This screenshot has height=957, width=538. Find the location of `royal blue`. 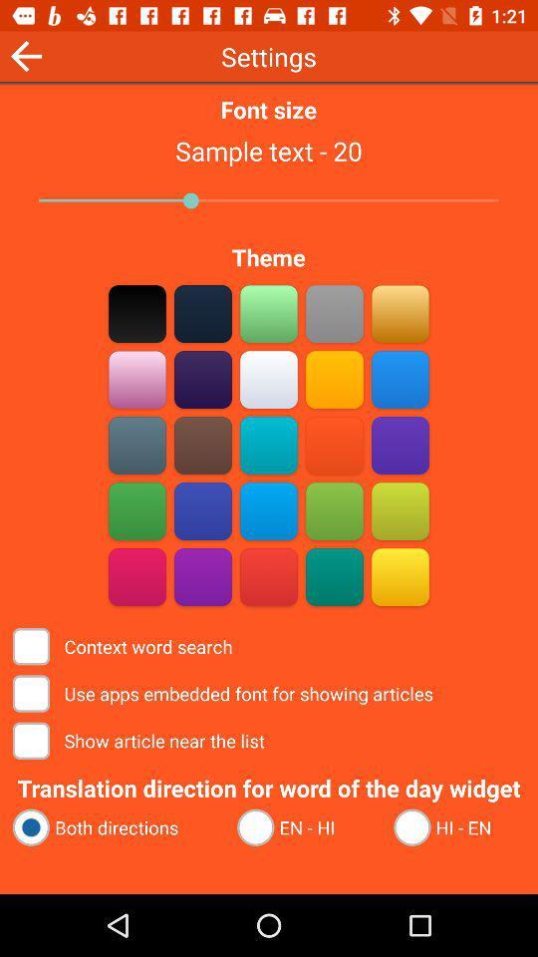

royal blue is located at coordinates (202, 510).